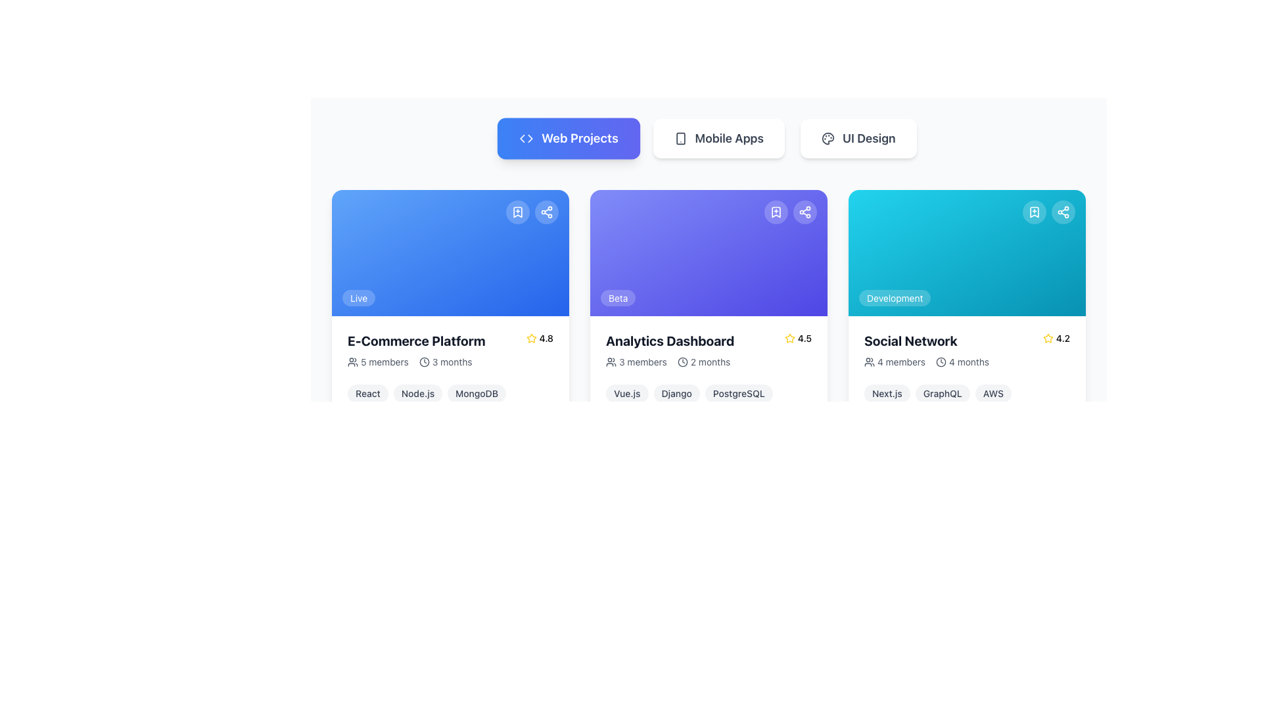 The width and height of the screenshot is (1262, 710). Describe the element at coordinates (967, 392) in the screenshot. I see `the 'GraphQL' tag in the technology tags list located at the bottom section of the 'Social Network' card for more information` at that location.